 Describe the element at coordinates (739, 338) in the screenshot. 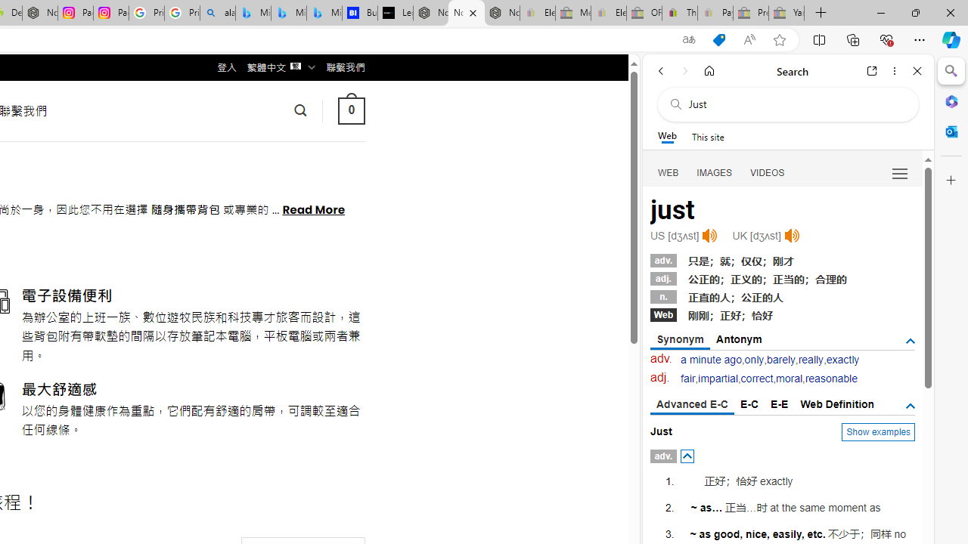

I see `'Antonym'` at that location.